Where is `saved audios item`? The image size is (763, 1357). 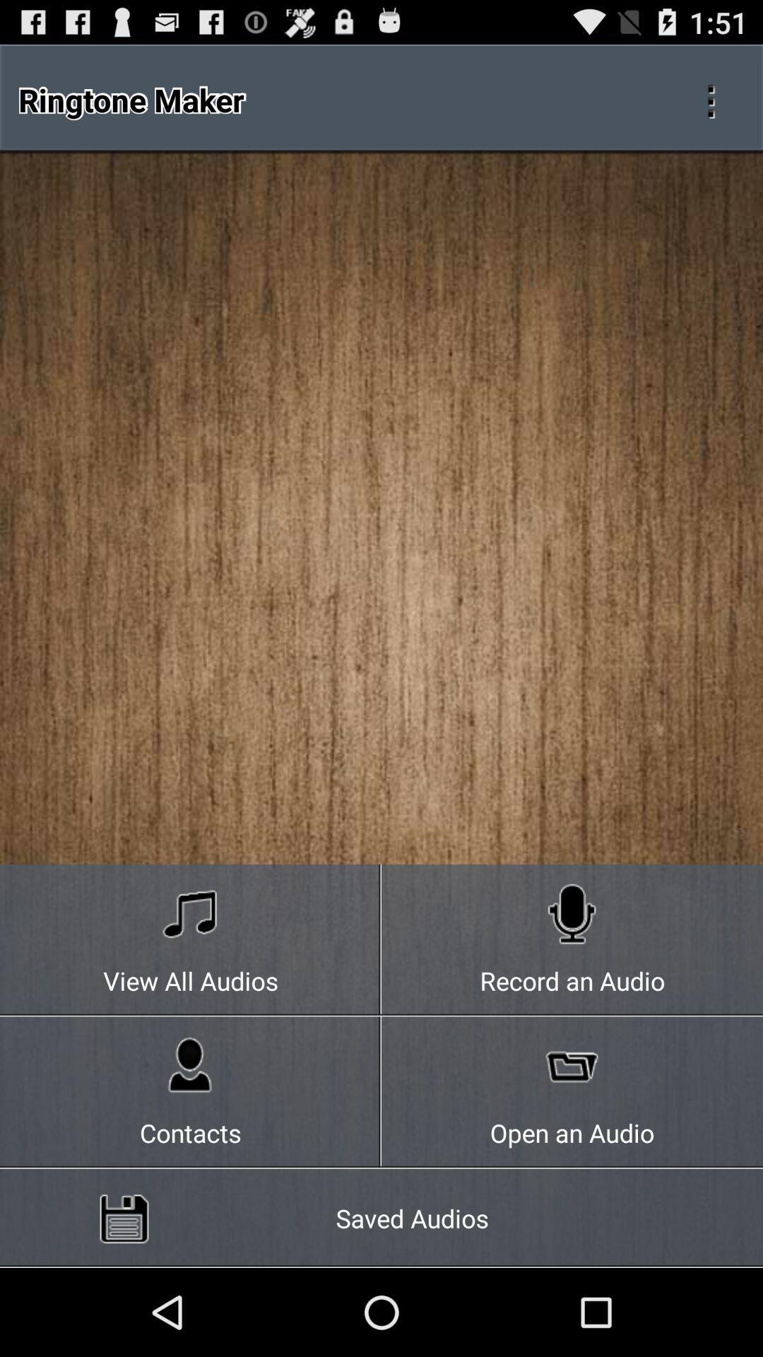 saved audios item is located at coordinates (381, 1217).